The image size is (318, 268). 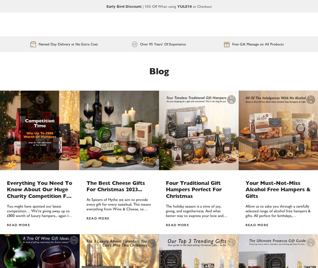 I want to click on '7', so click(x=181, y=181).